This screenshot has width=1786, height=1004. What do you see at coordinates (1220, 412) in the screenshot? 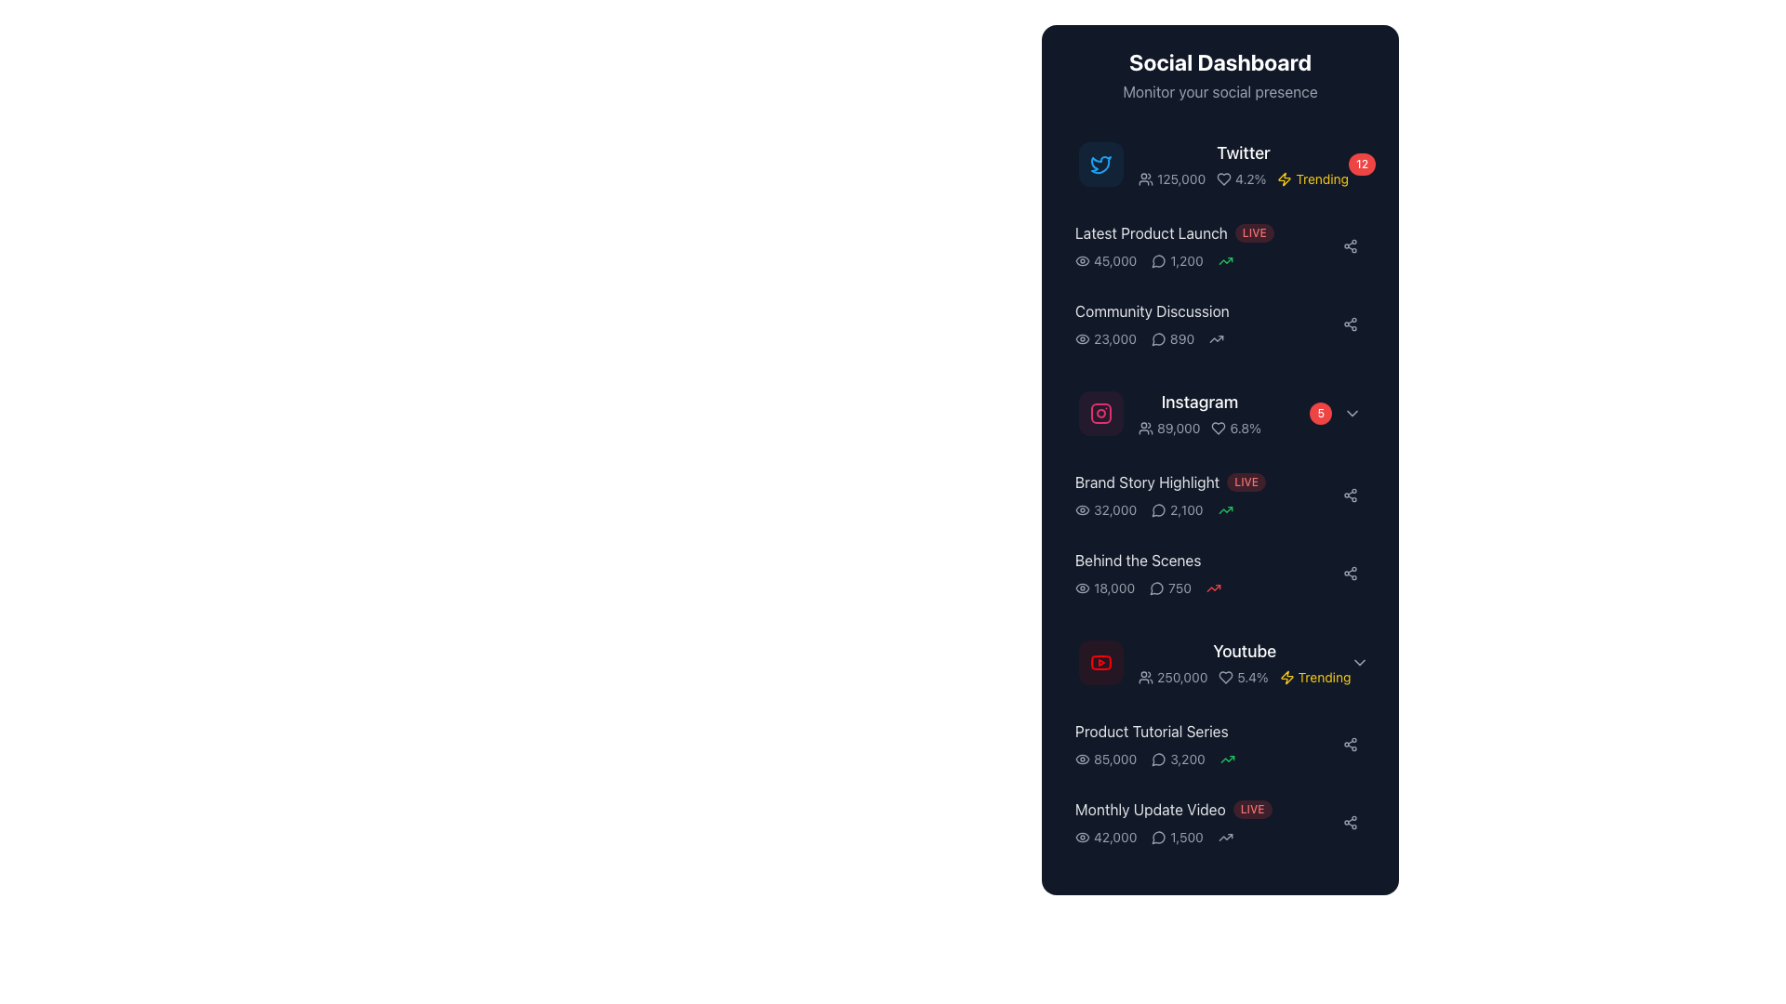
I see `the dropdown arrow on the Information card, which is the fourth card down in a vertical list on the social dashboard` at bounding box center [1220, 412].